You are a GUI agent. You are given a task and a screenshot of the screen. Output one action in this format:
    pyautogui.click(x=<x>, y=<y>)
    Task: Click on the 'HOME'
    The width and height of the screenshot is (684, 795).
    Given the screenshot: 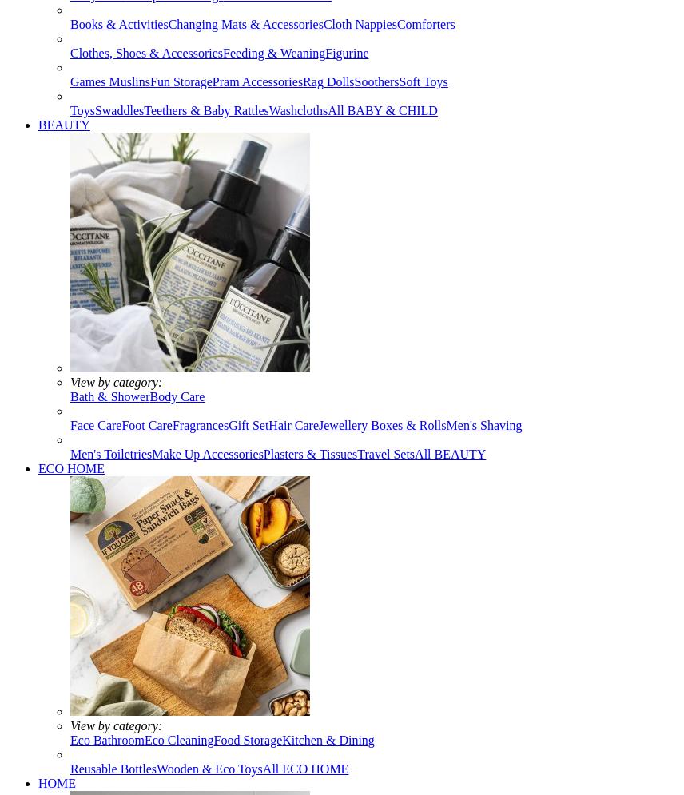 What is the action you would take?
    pyautogui.click(x=38, y=782)
    